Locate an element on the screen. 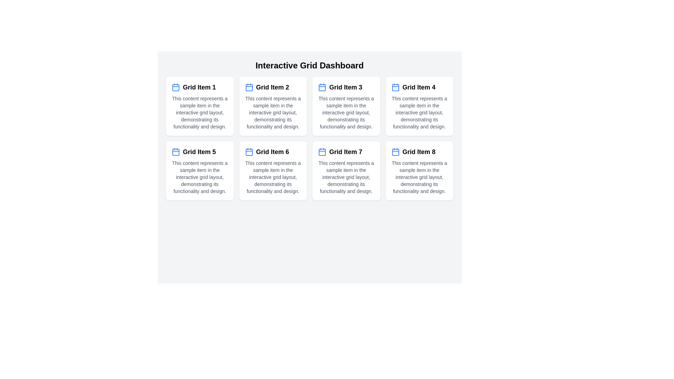  the Informational Card, which is the third item in the second row of a 4x2 grid layout, positioned centrally below 'Grid Item 2' and 'Grid Item 7', and to the right of 'Grid Item 5' is located at coordinates (272, 171).